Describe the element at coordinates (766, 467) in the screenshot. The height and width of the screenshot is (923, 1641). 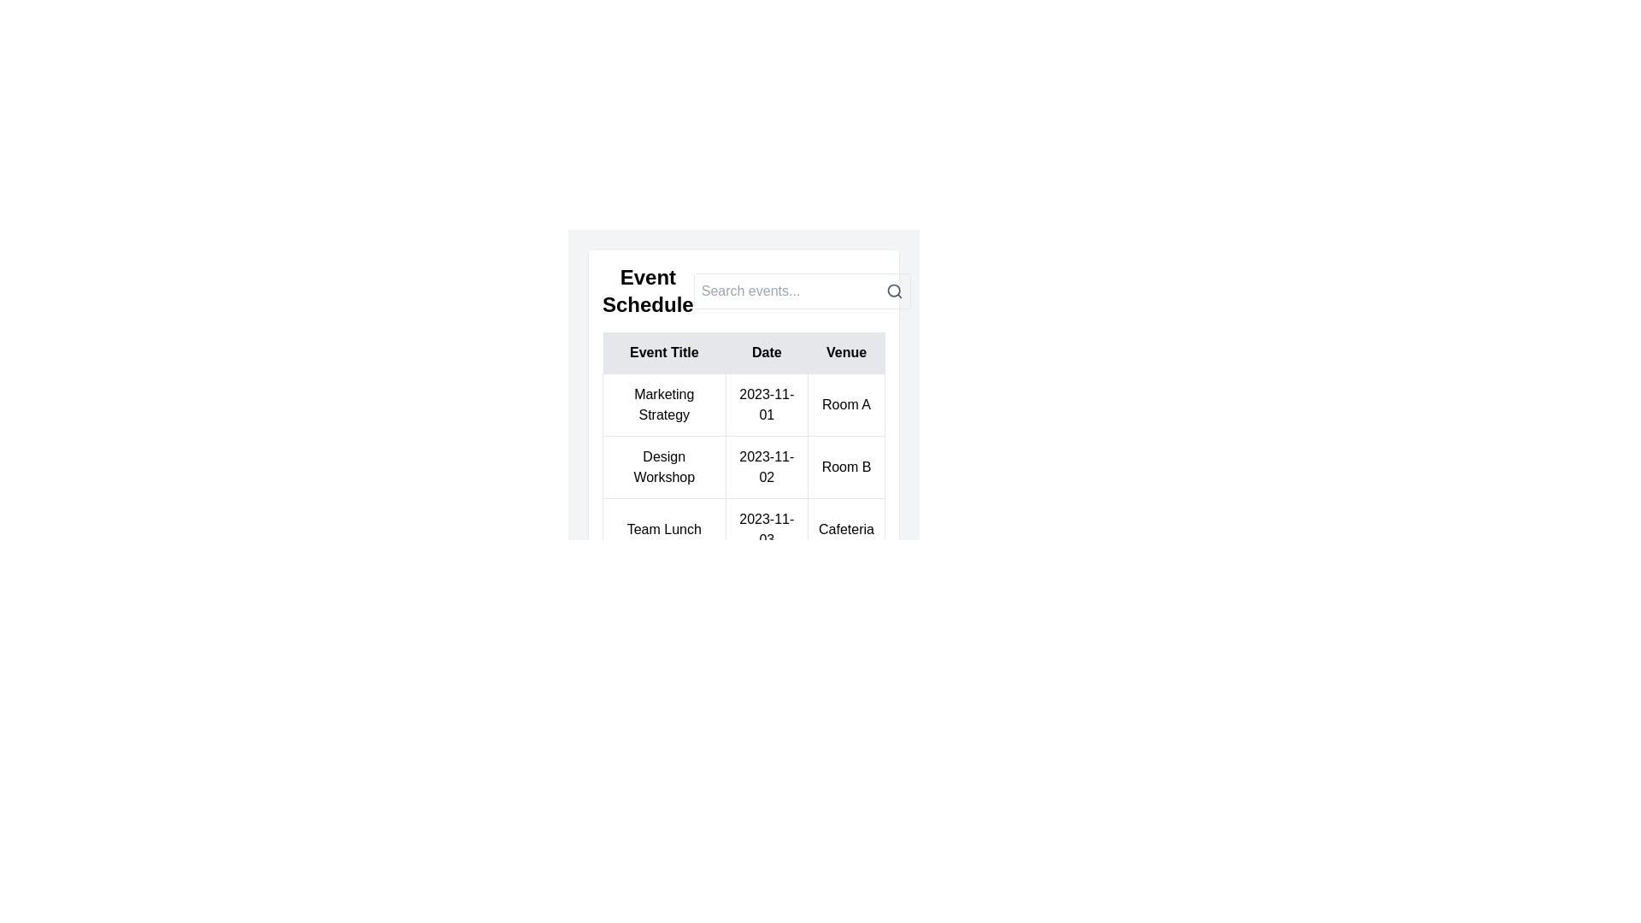
I see `the Text label displaying the date '2023-11-02' in the second row under the 'Date' column of the schedule table` at that location.